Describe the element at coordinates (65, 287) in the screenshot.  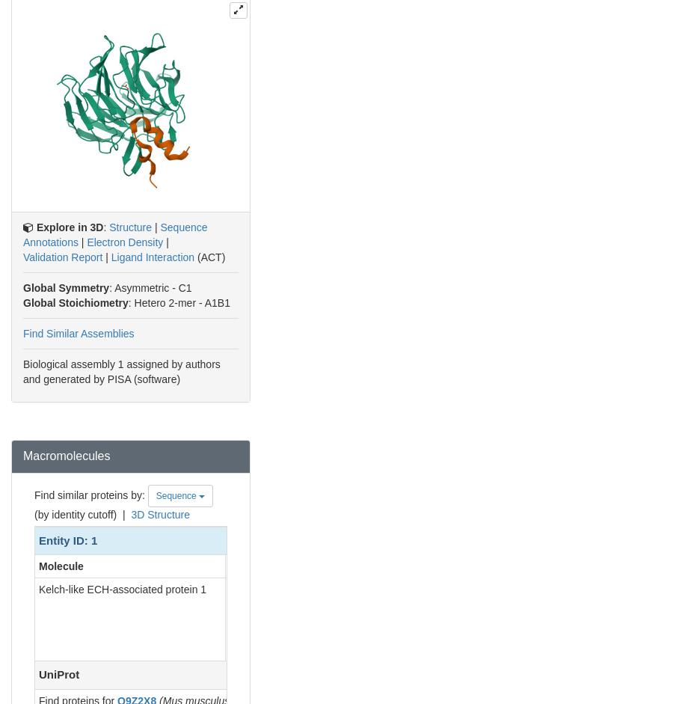
I see `'Global Symmetry'` at that location.